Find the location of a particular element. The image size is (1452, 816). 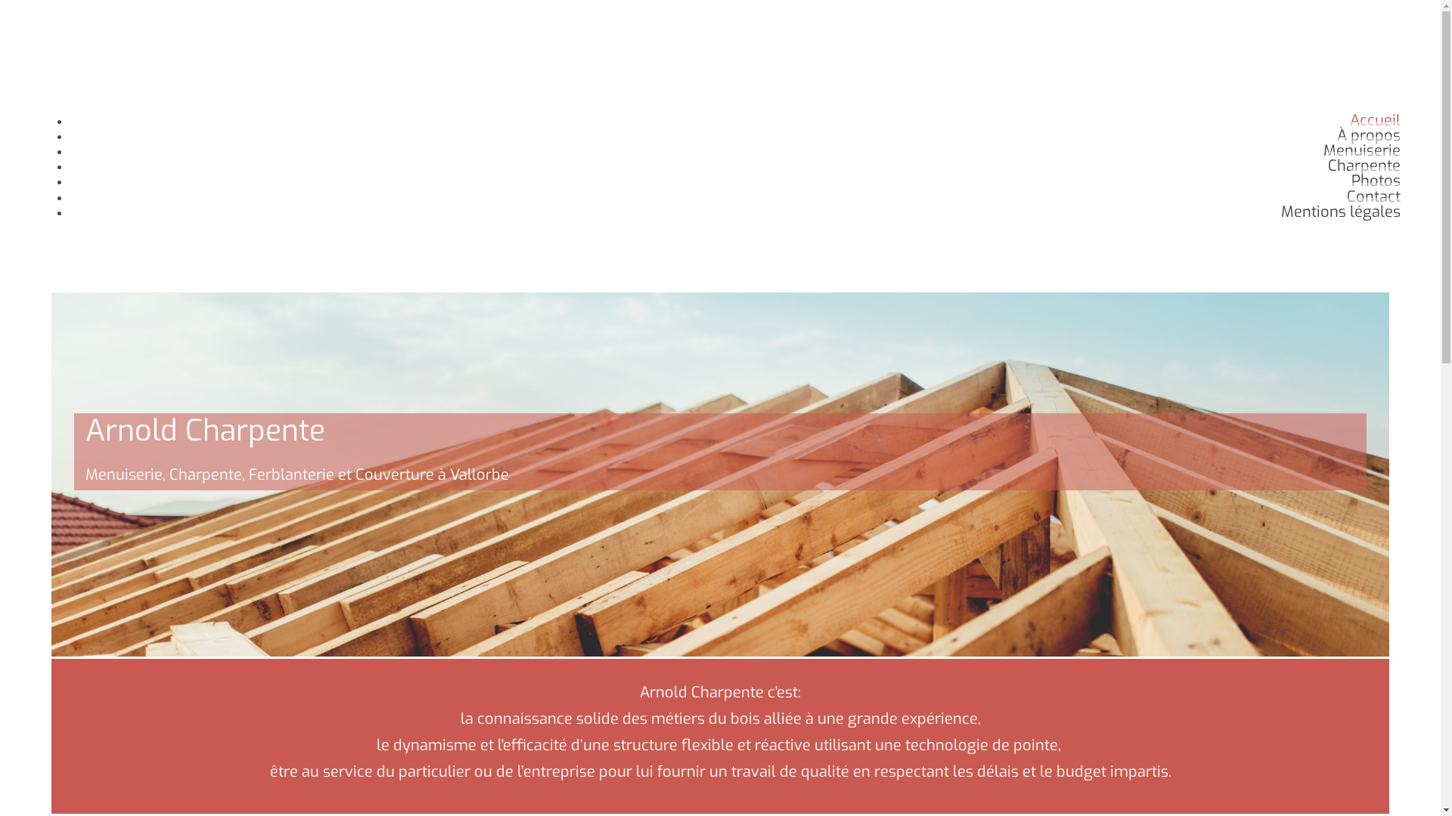

'Menuiserie' is located at coordinates (1361, 150).